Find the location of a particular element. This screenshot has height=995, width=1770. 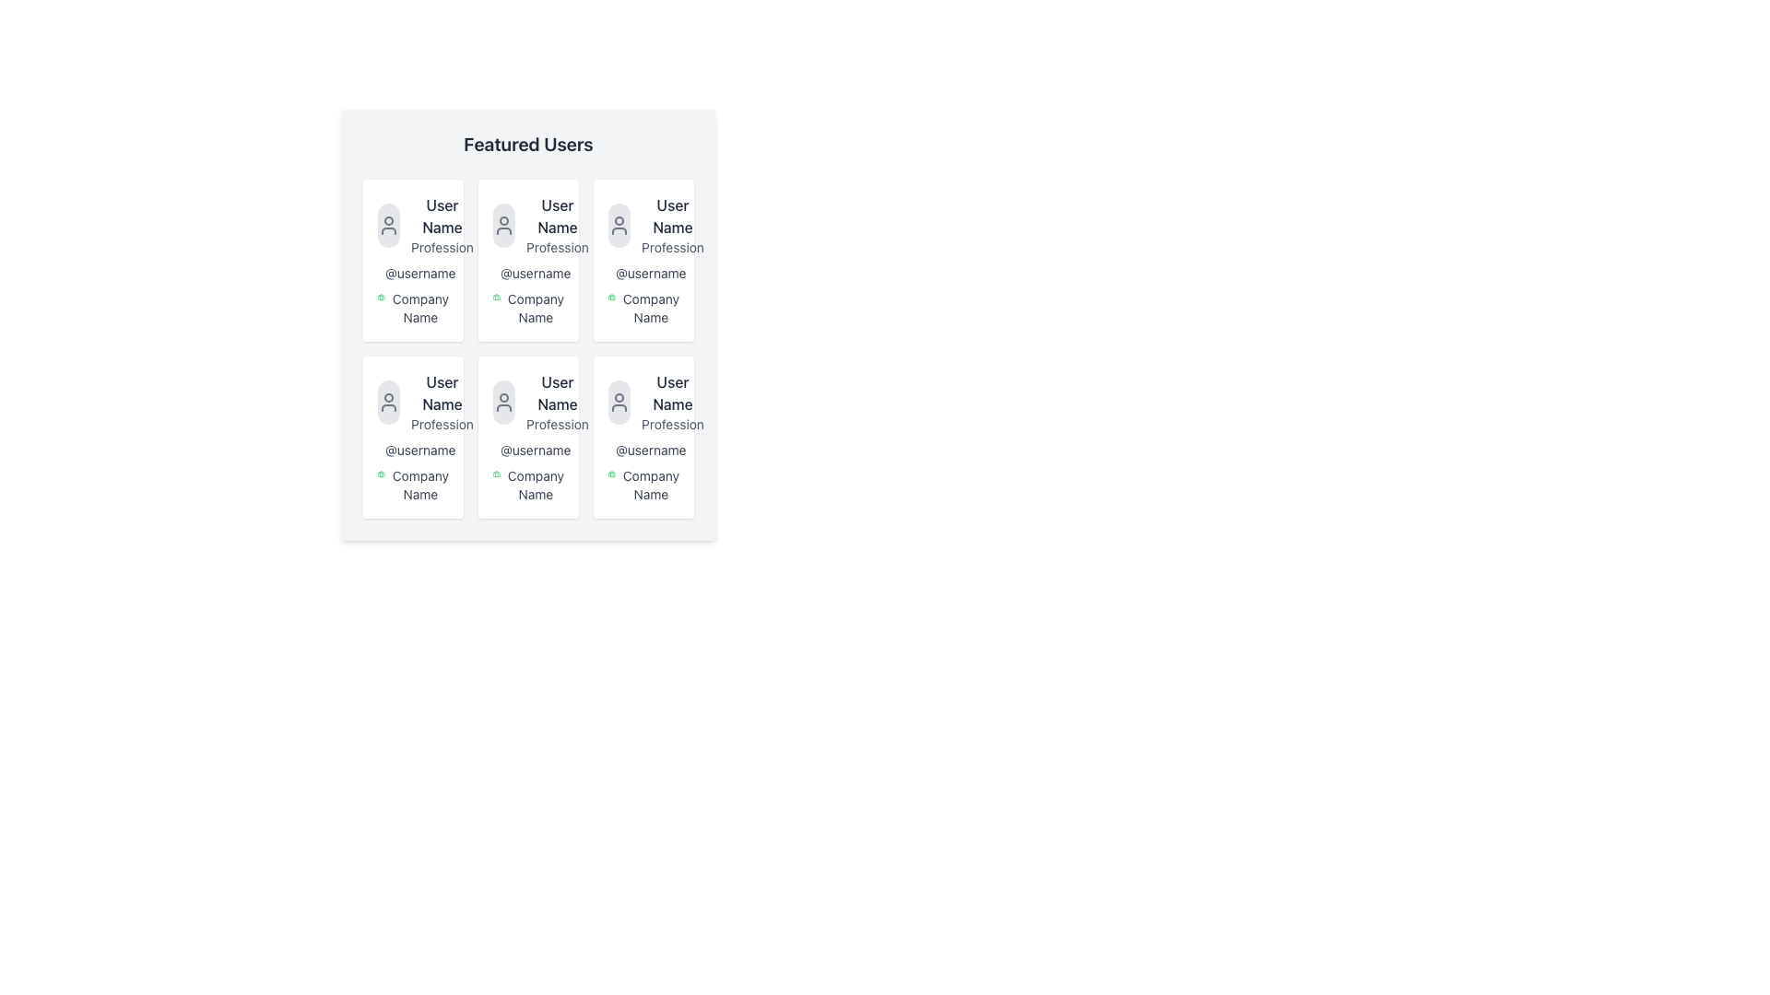

the '@' icon located in the second row, second column of the user card, positioned beside the username text is located at coordinates (504, 451).